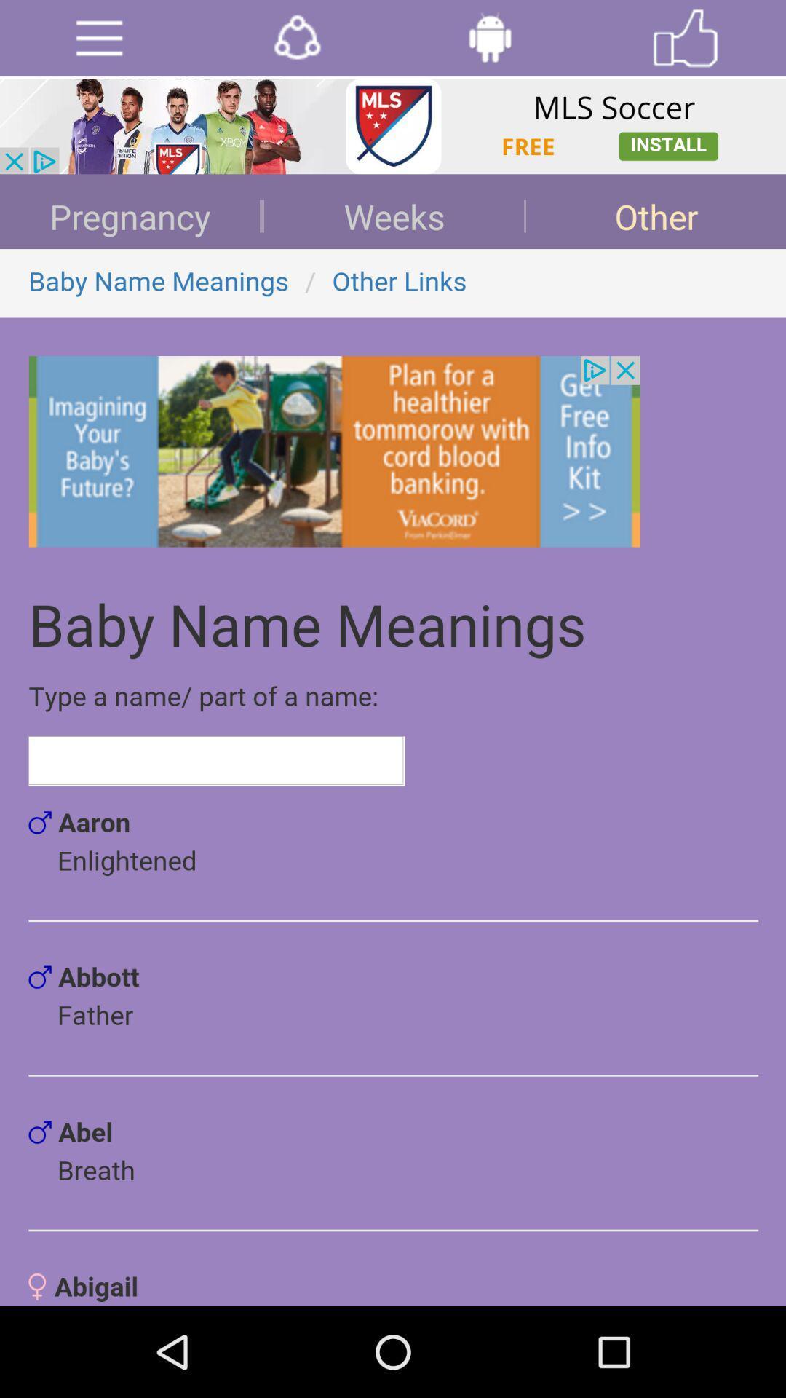 This screenshot has height=1398, width=786. Describe the element at coordinates (685, 38) in the screenshot. I see `like page` at that location.